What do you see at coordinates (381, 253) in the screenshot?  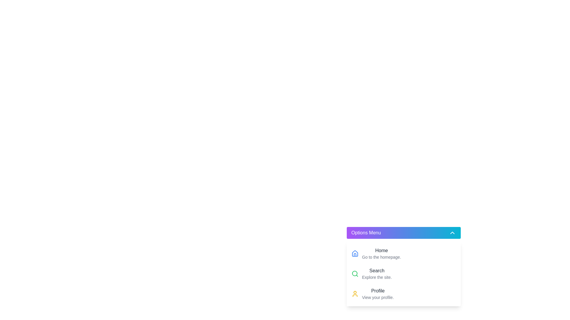 I see `the Text Label that serves as a navigational link` at bounding box center [381, 253].